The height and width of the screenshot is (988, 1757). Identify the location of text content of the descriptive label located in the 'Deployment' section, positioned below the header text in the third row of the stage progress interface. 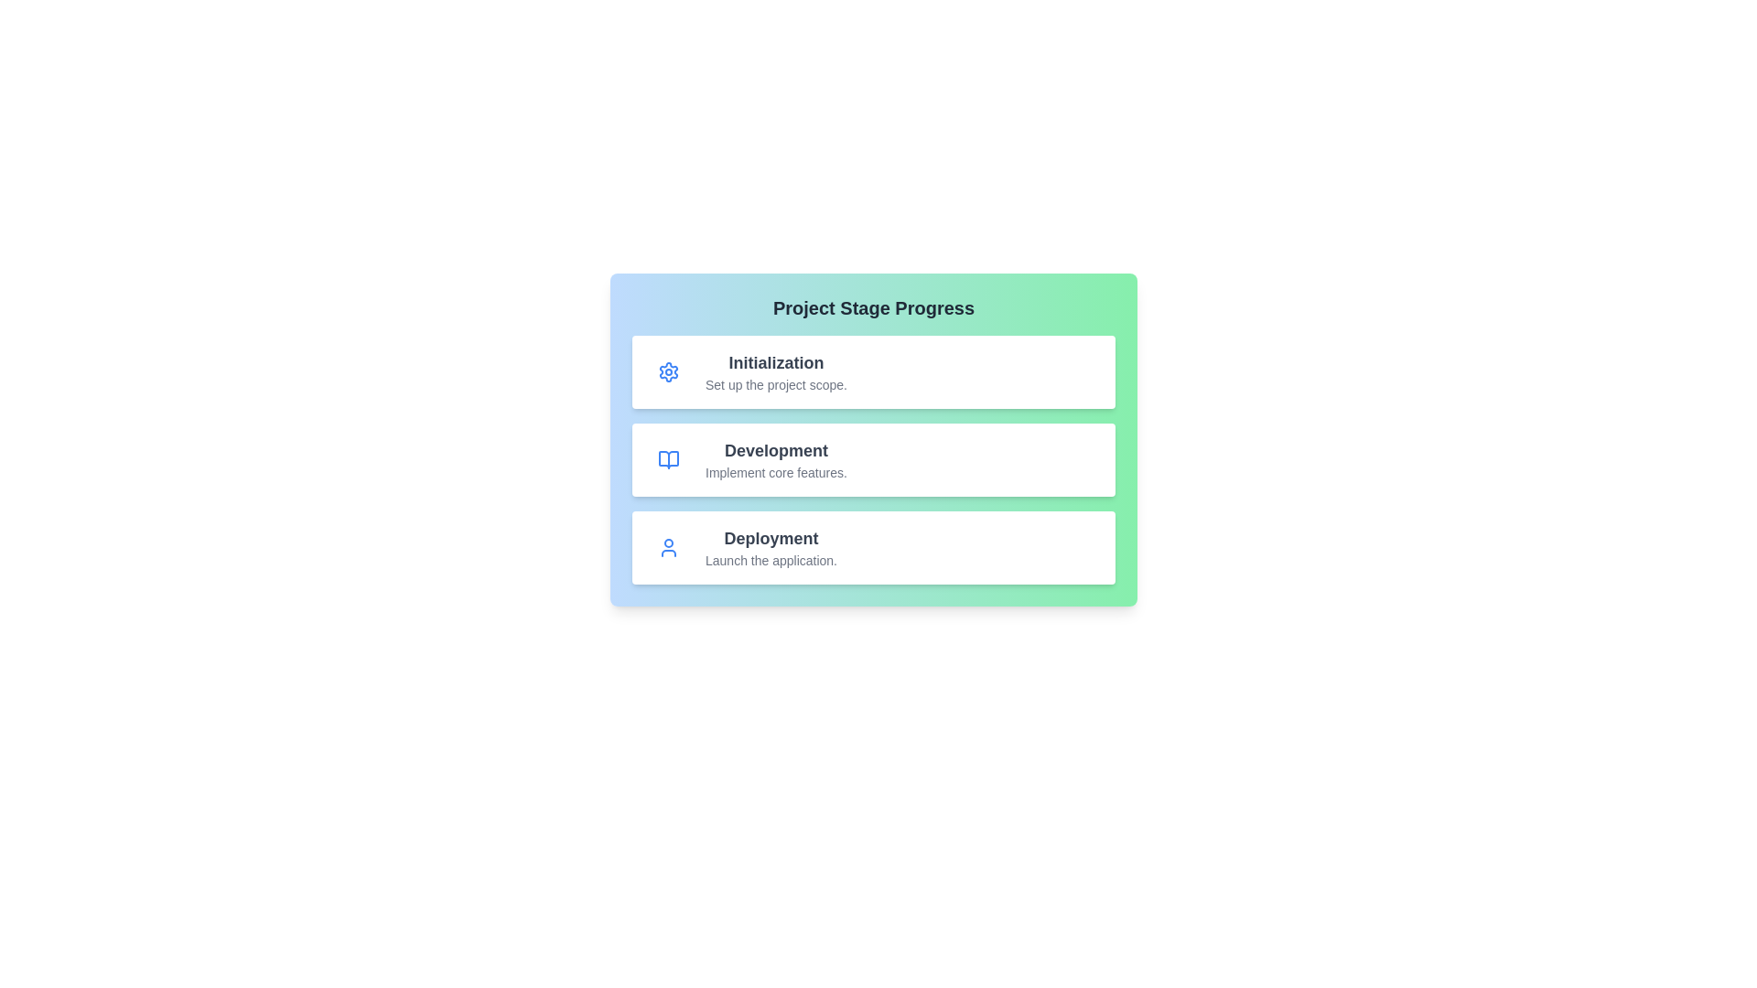
(771, 560).